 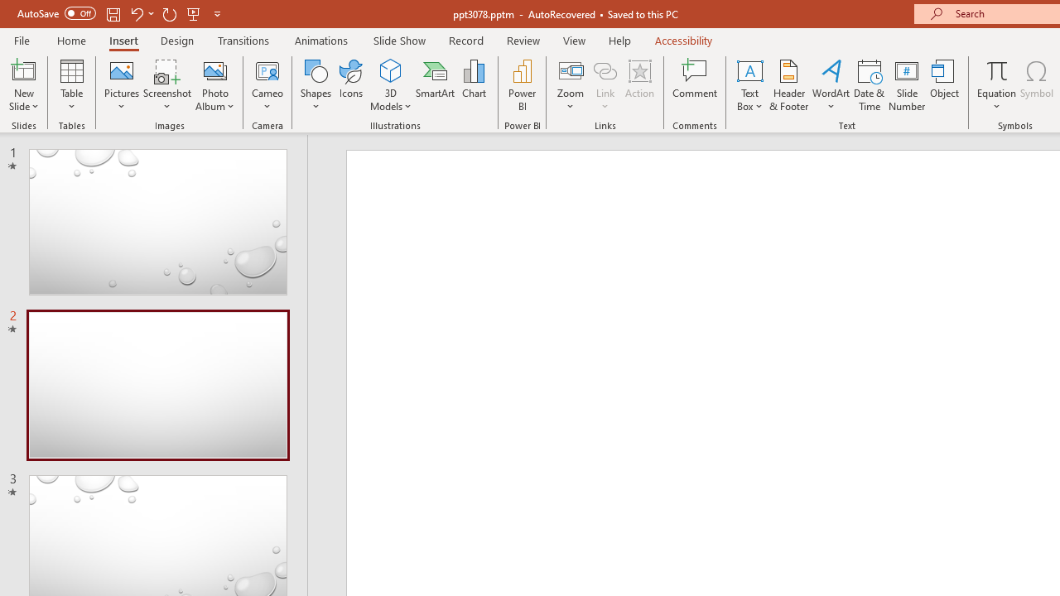 I want to click on '3D Models', so click(x=390, y=70).